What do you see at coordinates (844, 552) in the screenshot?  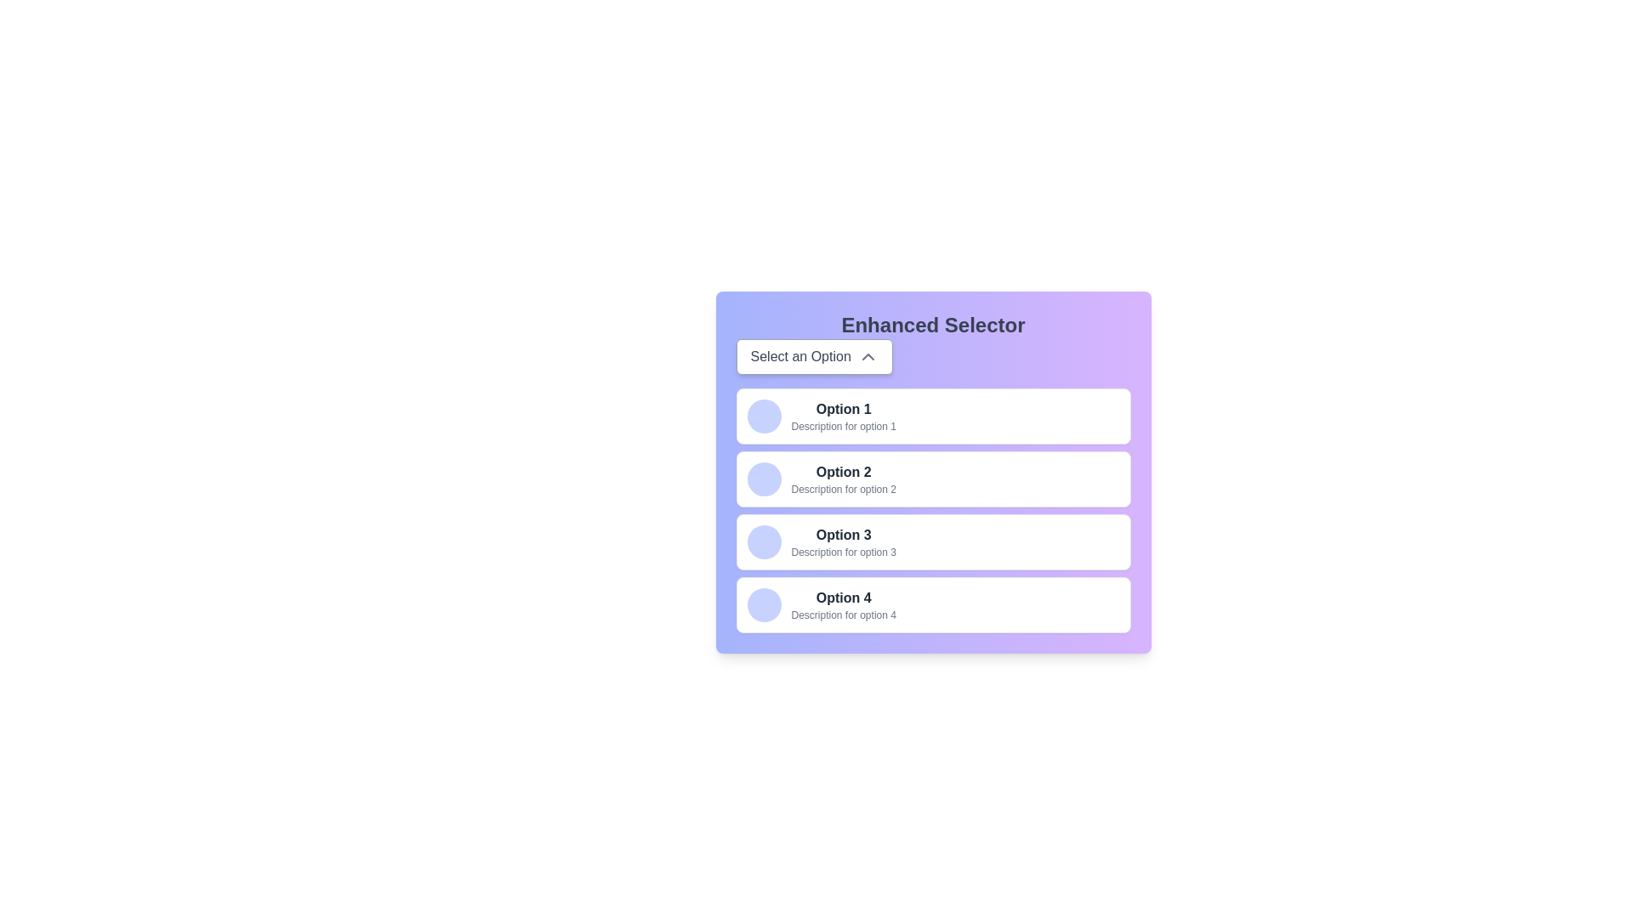 I see `the descriptive text label in gray color located under the title 'Option 3' in the 'Enhanced Selector' card` at bounding box center [844, 552].